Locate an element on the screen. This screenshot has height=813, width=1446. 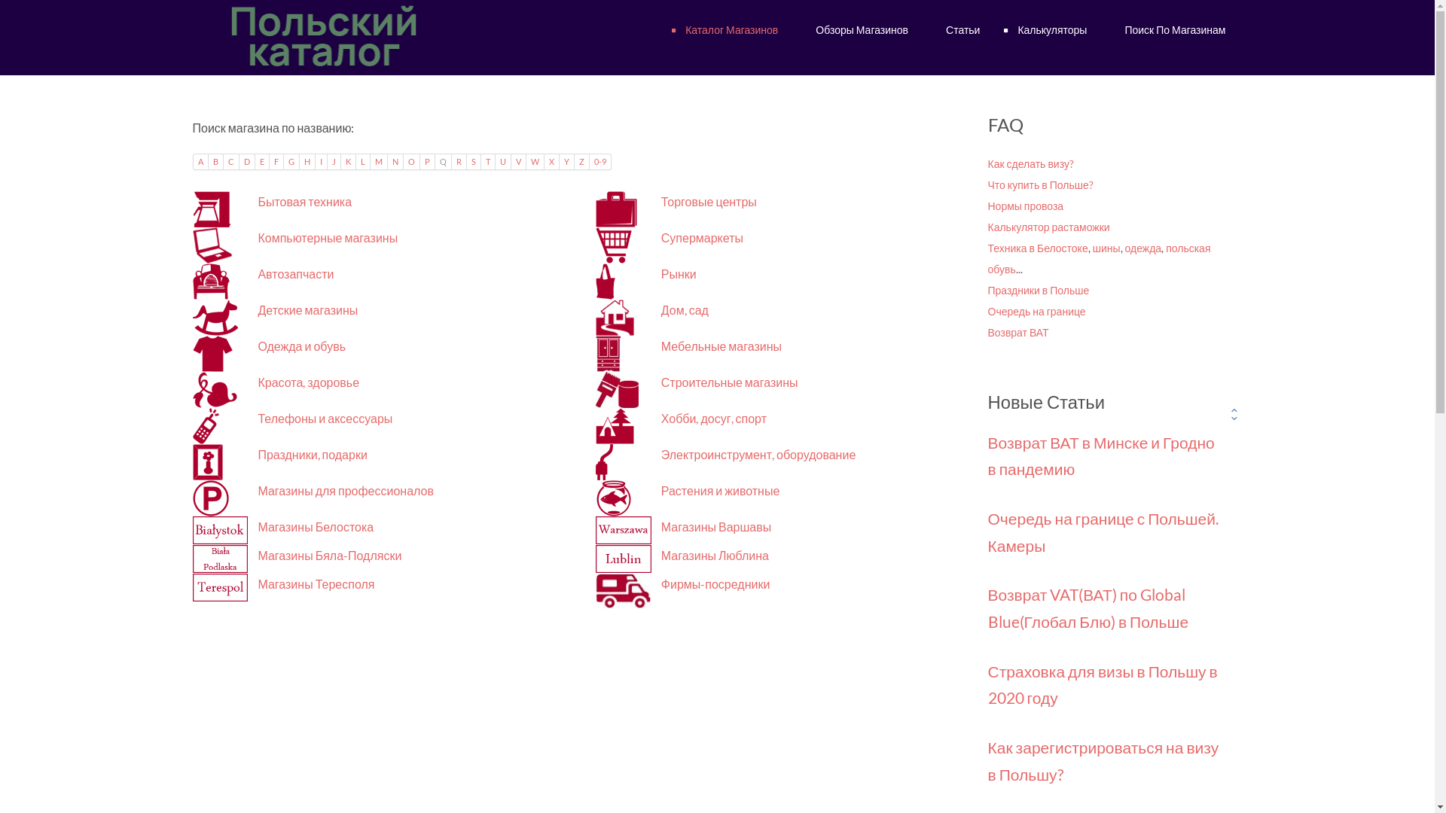
'Y' is located at coordinates (566, 162).